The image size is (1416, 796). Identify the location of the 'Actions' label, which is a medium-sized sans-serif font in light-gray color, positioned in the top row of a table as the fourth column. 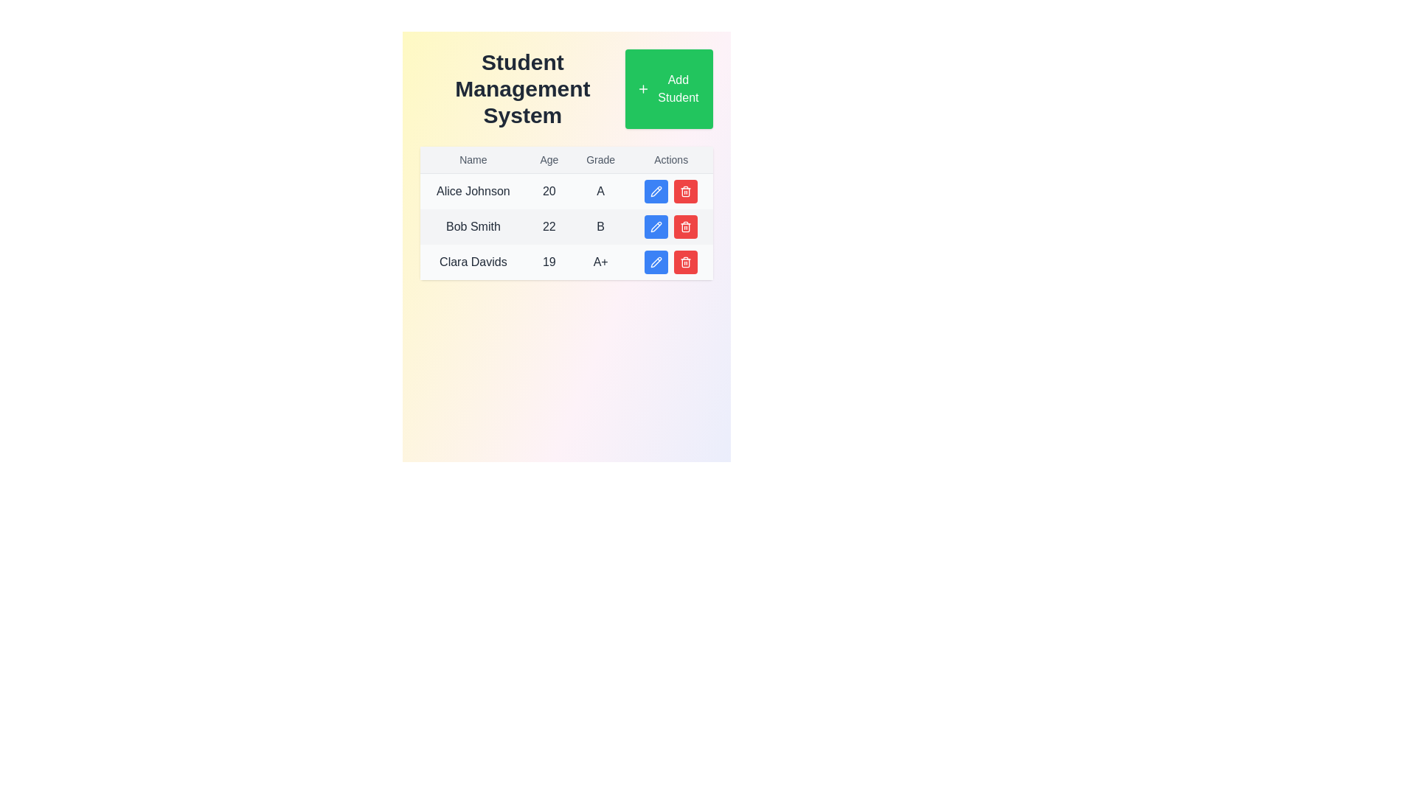
(670, 160).